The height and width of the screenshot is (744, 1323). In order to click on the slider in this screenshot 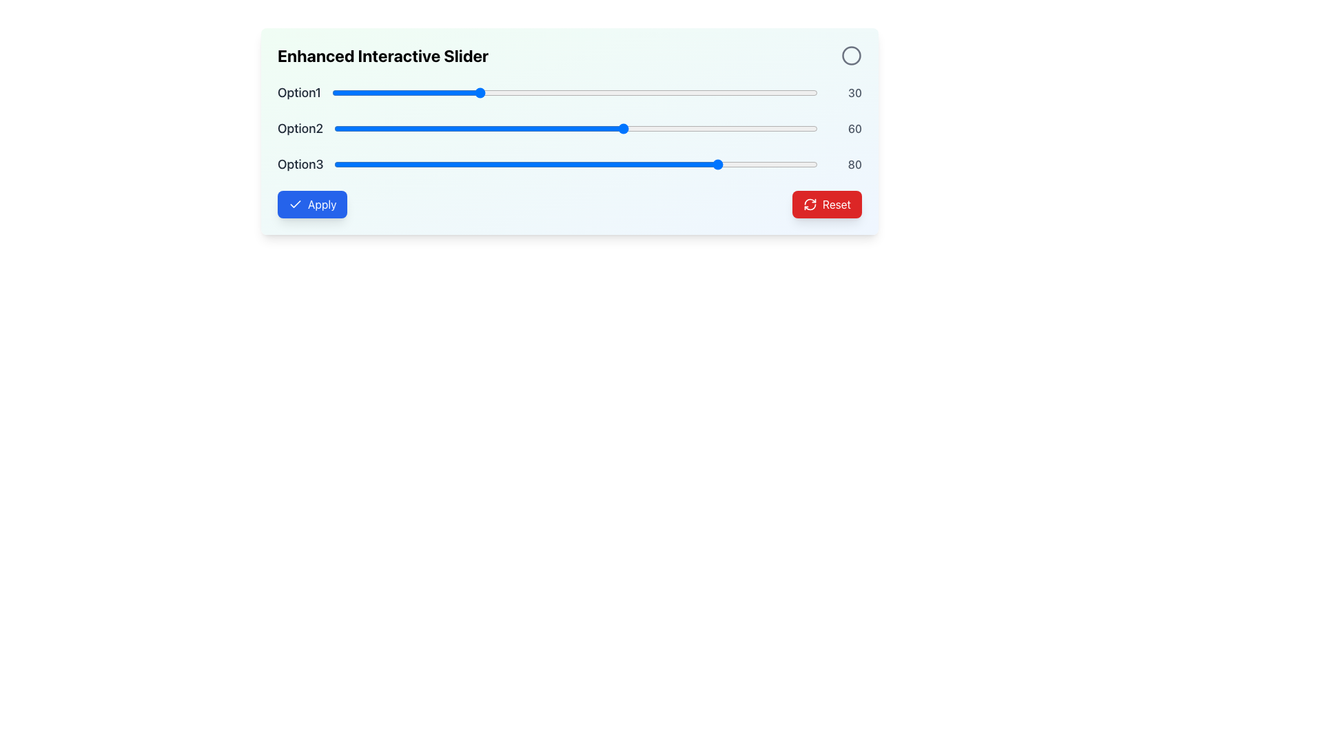, I will do `click(387, 164)`.